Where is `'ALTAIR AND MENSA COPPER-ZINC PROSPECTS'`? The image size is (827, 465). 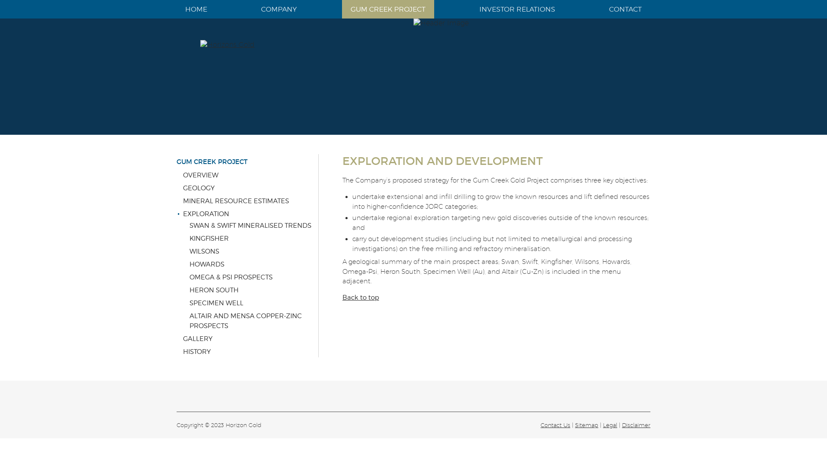 'ALTAIR AND MENSA COPPER-ZINC PROSPECTS' is located at coordinates (253, 320).